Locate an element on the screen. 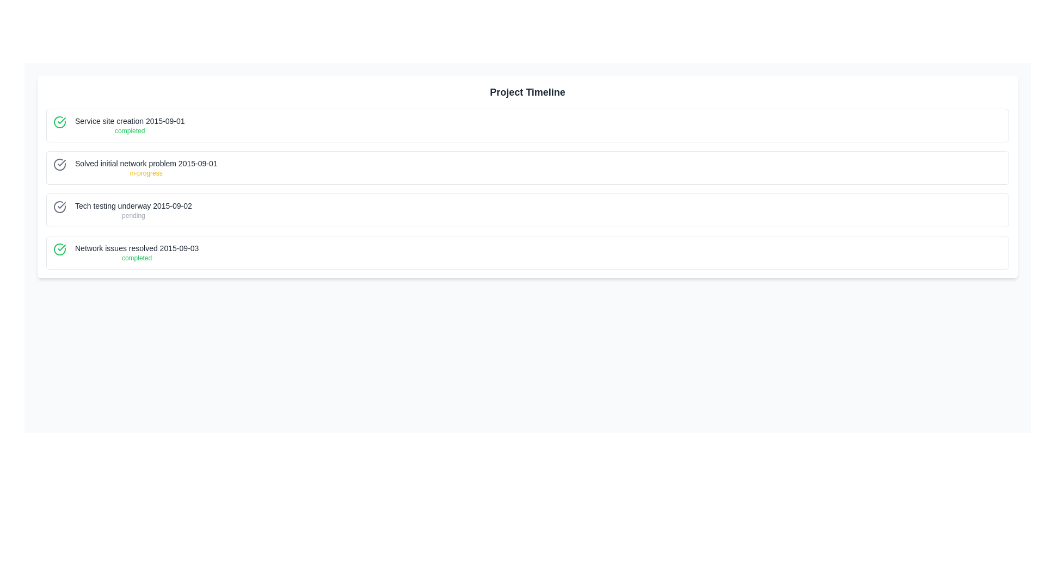 The width and height of the screenshot is (1045, 587). the status indicator icon that confirms the successful completion of the task 'Service site creation 2015-09-01' is located at coordinates (59, 122).